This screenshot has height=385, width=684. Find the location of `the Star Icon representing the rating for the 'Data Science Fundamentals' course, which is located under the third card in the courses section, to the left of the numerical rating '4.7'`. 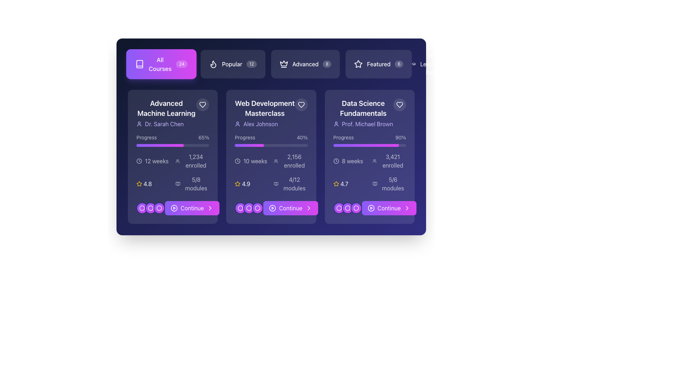

the Star Icon representing the rating for the 'Data Science Fundamentals' course, which is located under the third card in the courses section, to the left of the numerical rating '4.7' is located at coordinates (336, 183).